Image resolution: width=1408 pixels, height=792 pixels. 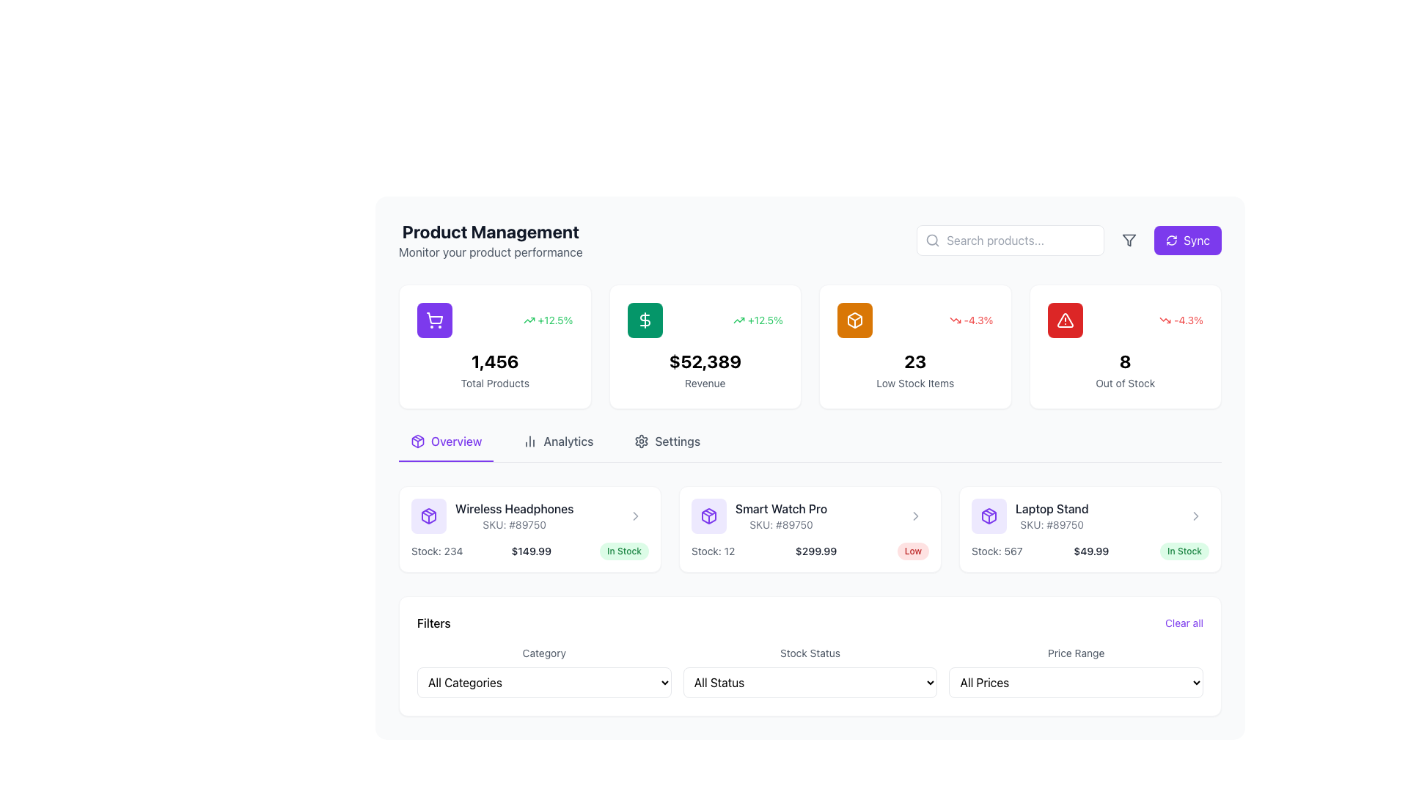 I want to click on the Filter button, which is a minimalistic gray funnel icon located at the top-right of the interface, directly to the left of the purple 'Sync' button, so click(x=1129, y=239).